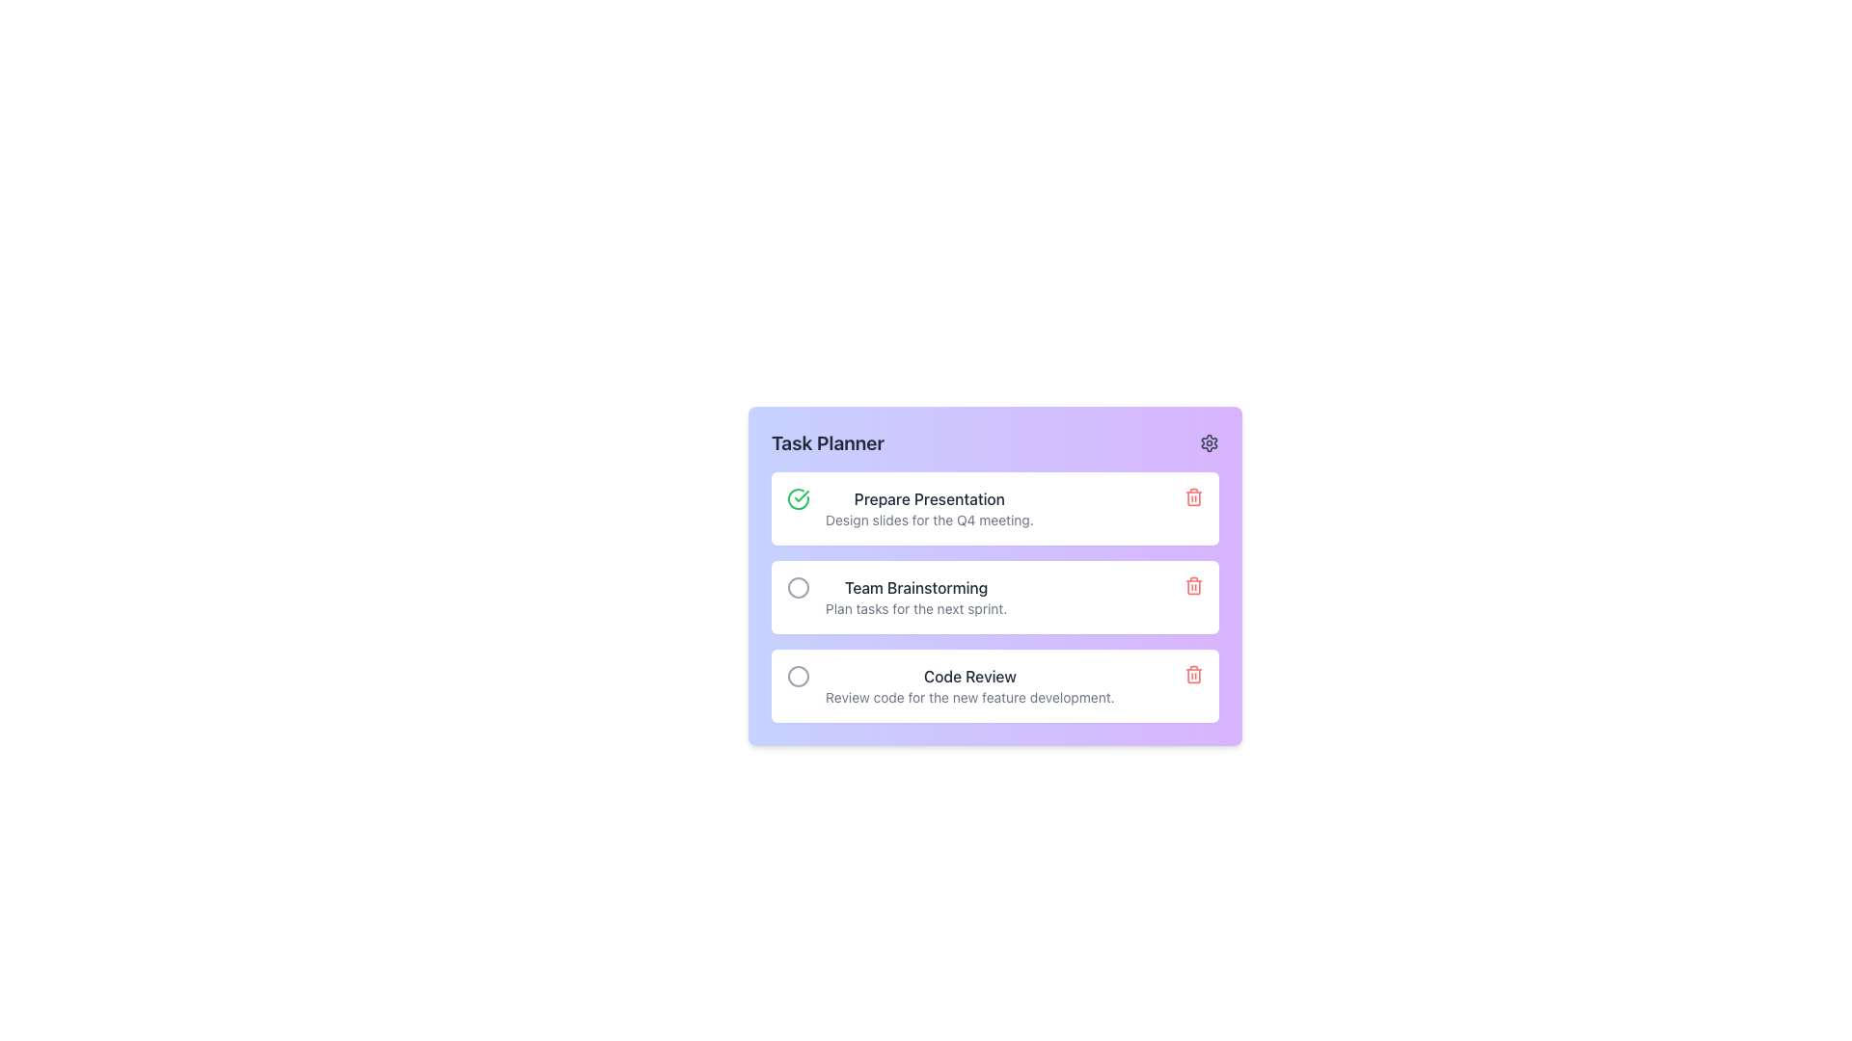 Image resolution: width=1852 pixels, height=1041 pixels. I want to click on the textual label displaying information about the task at the top of the task planner interface, so click(929, 508).